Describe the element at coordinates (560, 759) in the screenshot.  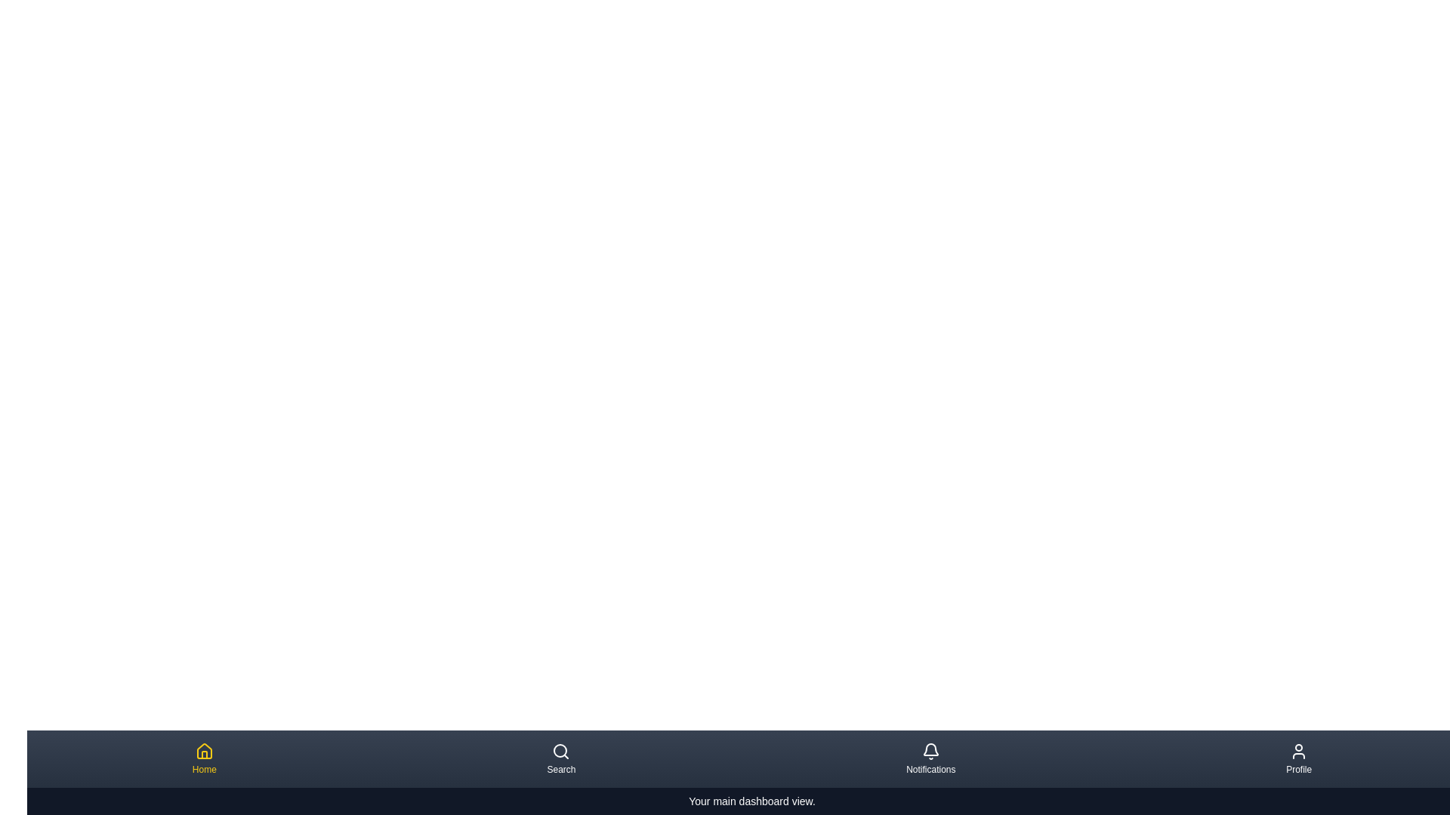
I see `the navigation item Search by clicking on its button` at that location.